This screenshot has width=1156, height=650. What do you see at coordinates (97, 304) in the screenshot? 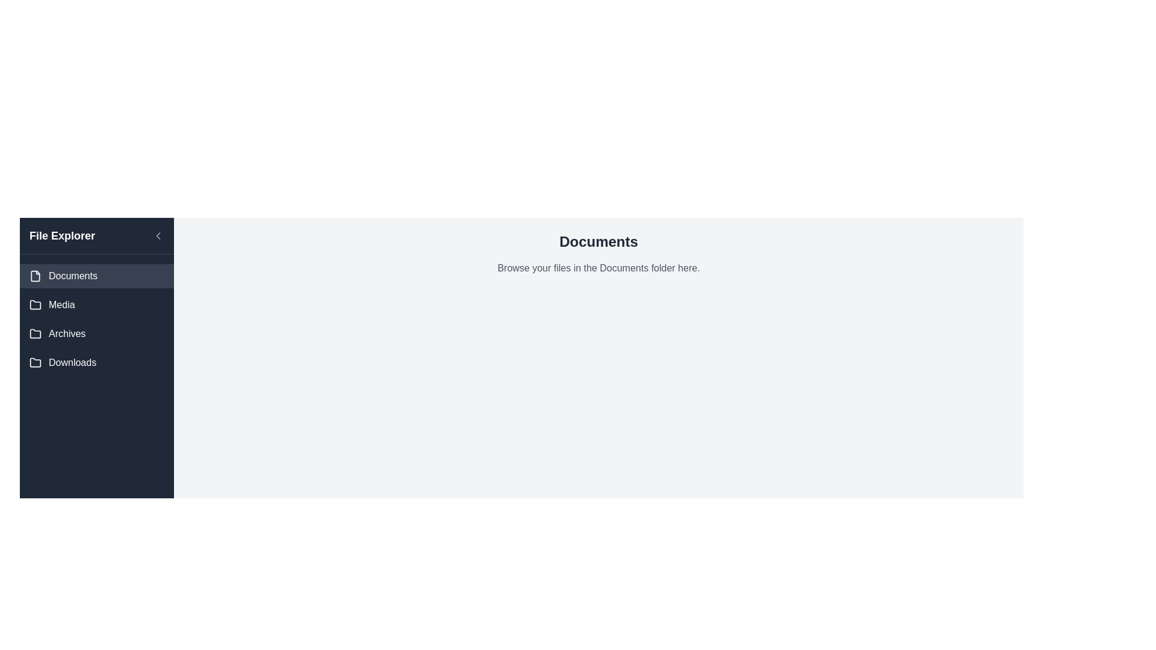
I see `the 'Media' navigation button located in the sidebar menu, which is positioned between 'Documents' and 'Archives'` at bounding box center [97, 304].